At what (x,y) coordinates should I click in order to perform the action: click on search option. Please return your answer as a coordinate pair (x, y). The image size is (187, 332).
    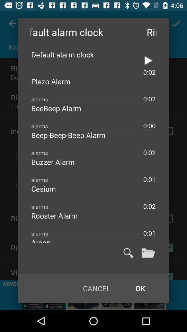
    Looking at the image, I should click on (128, 252).